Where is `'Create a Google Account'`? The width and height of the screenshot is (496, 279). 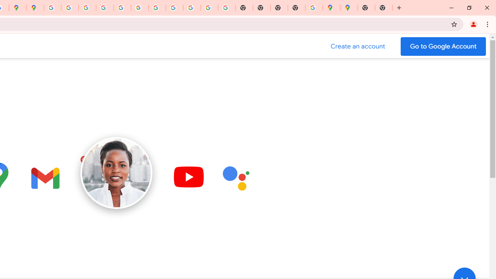
'Create a Google Account' is located at coordinates (358, 46).